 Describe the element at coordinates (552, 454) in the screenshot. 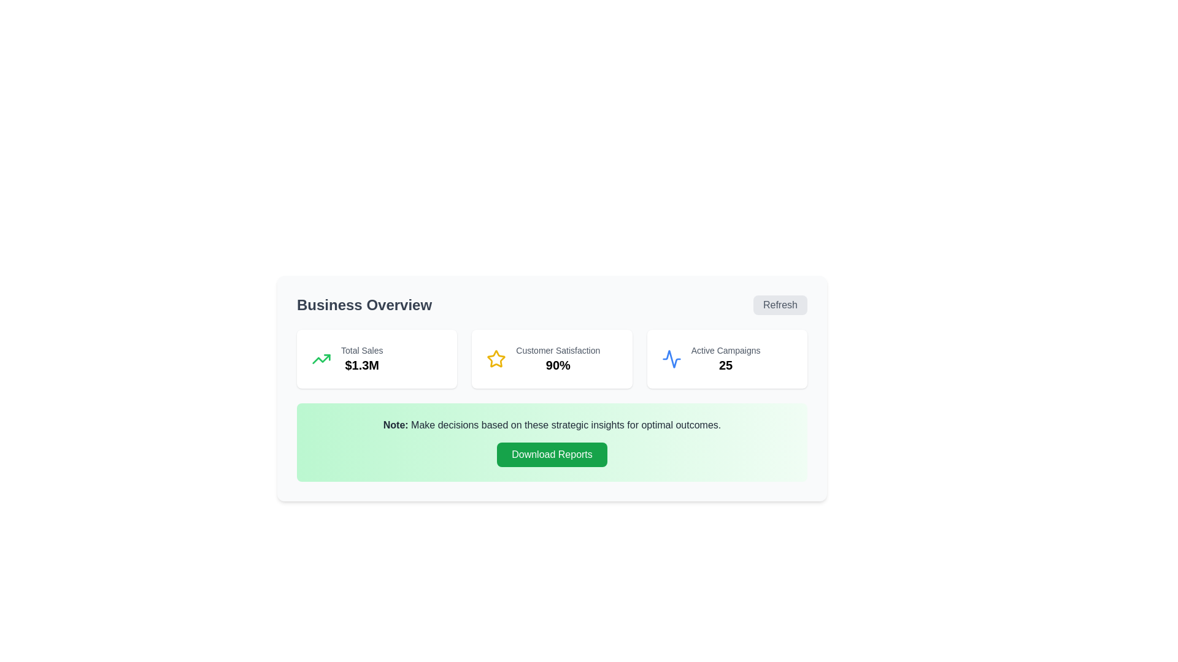

I see `the green 'Download Reports' button with rounded corners located in the 'Note' section, positioned centrally below the relevant text` at that location.